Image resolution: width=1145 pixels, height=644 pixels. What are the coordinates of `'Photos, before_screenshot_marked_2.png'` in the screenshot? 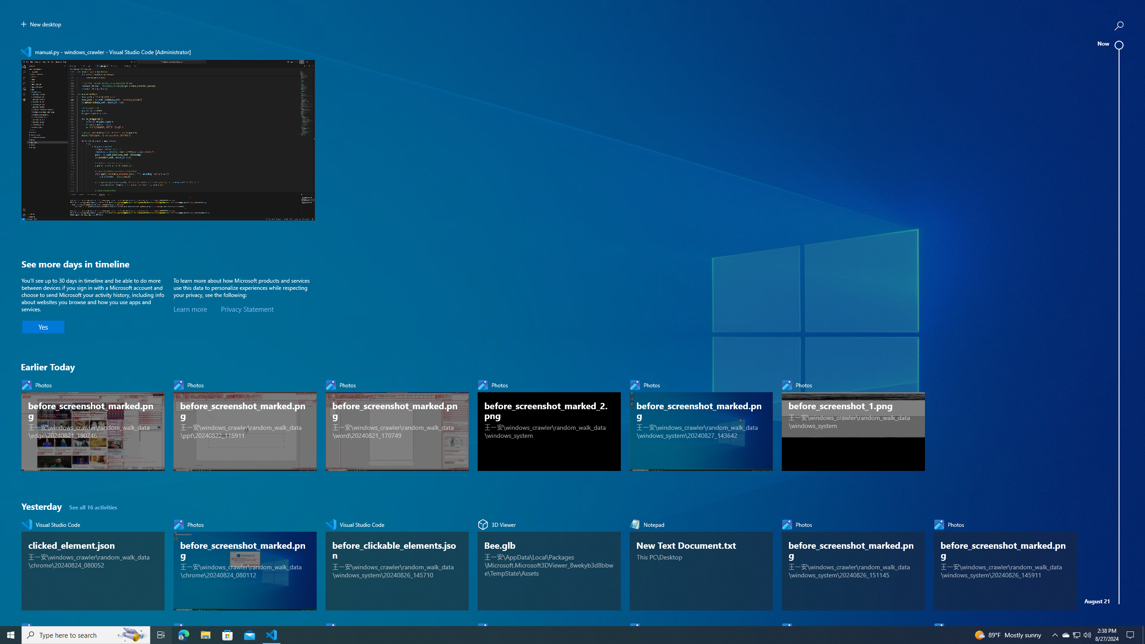 It's located at (549, 423).